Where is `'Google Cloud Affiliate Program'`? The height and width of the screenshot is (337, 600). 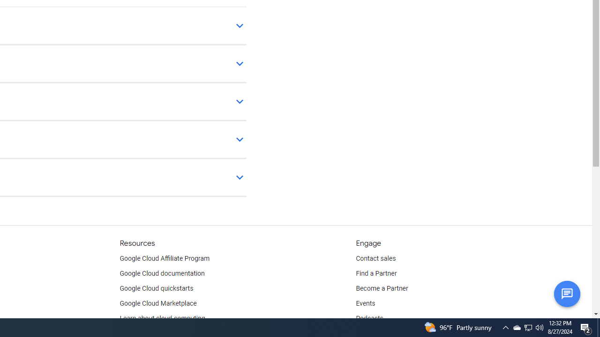
'Google Cloud Affiliate Program' is located at coordinates (165, 258).